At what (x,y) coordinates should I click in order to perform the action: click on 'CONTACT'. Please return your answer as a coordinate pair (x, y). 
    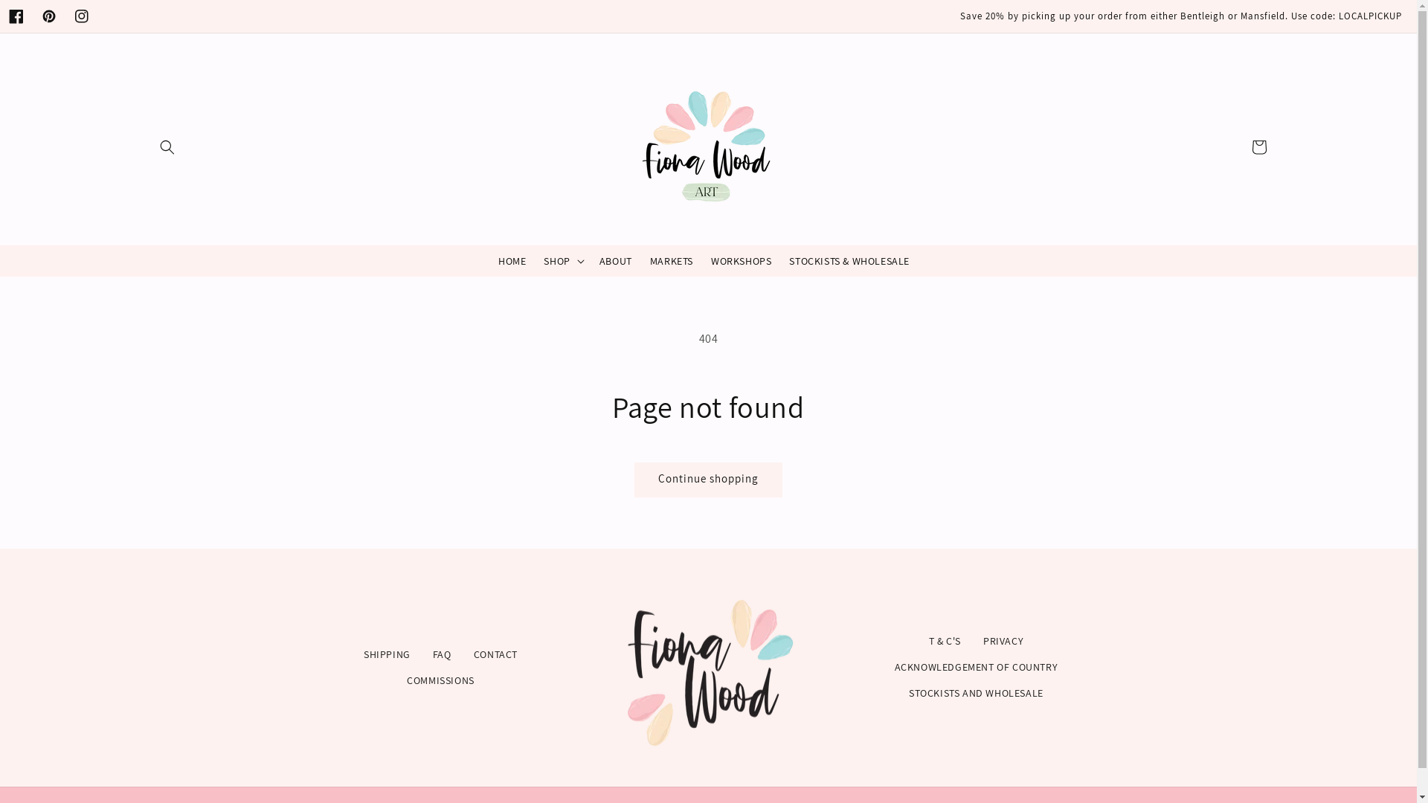
    Looking at the image, I should click on (495, 654).